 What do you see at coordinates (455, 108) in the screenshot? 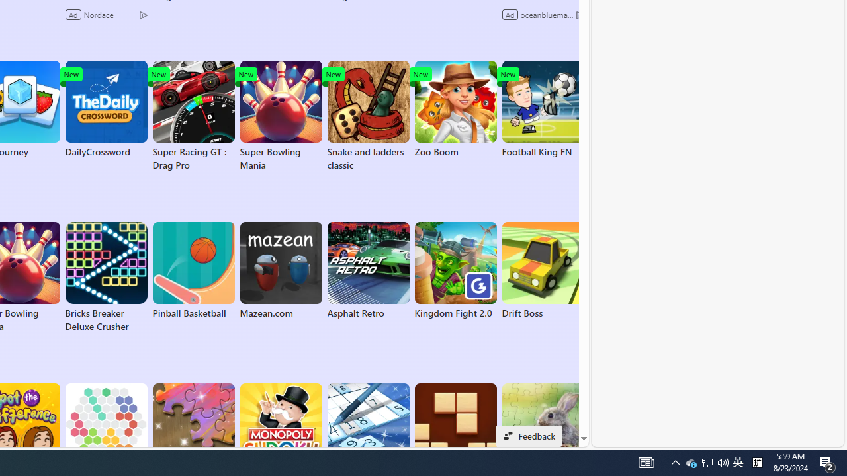
I see `'Zoo Boom'` at bounding box center [455, 108].